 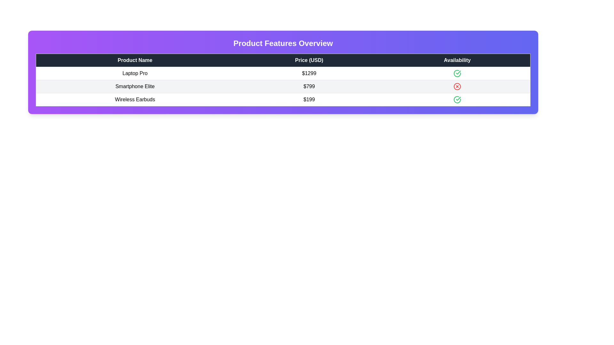 What do you see at coordinates (457, 60) in the screenshot?
I see `the 'Availability' label, which is styled in white font on a dark background and is located in the third column of the header row of a data table` at bounding box center [457, 60].